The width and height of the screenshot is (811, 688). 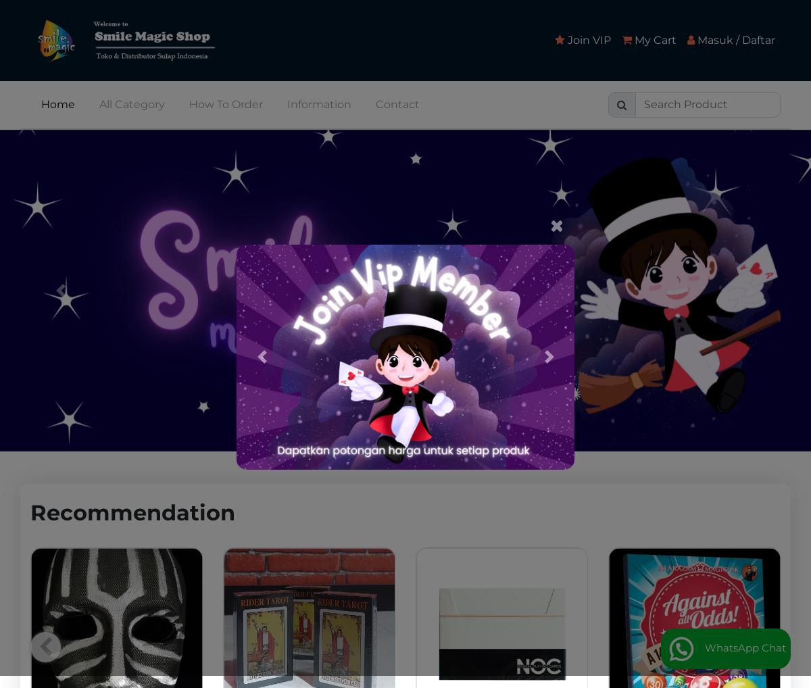 What do you see at coordinates (695, 646) in the screenshot?
I see `'WhatsApp Chat'` at bounding box center [695, 646].